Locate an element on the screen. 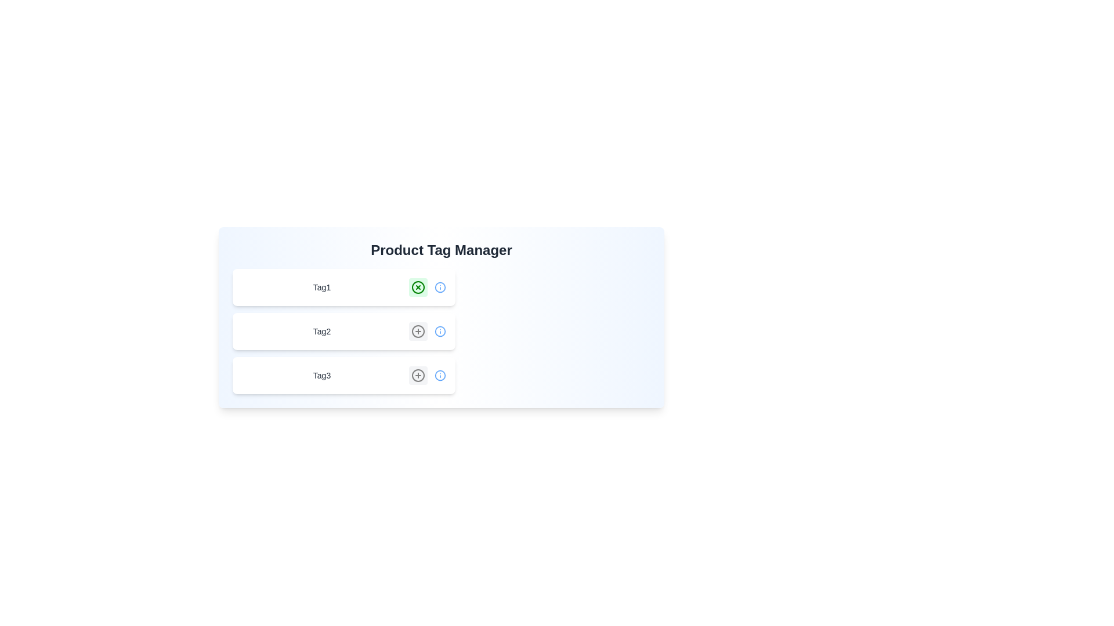 The width and height of the screenshot is (1114, 626). the information icon for Tag3 to view its description is located at coordinates (439, 376).